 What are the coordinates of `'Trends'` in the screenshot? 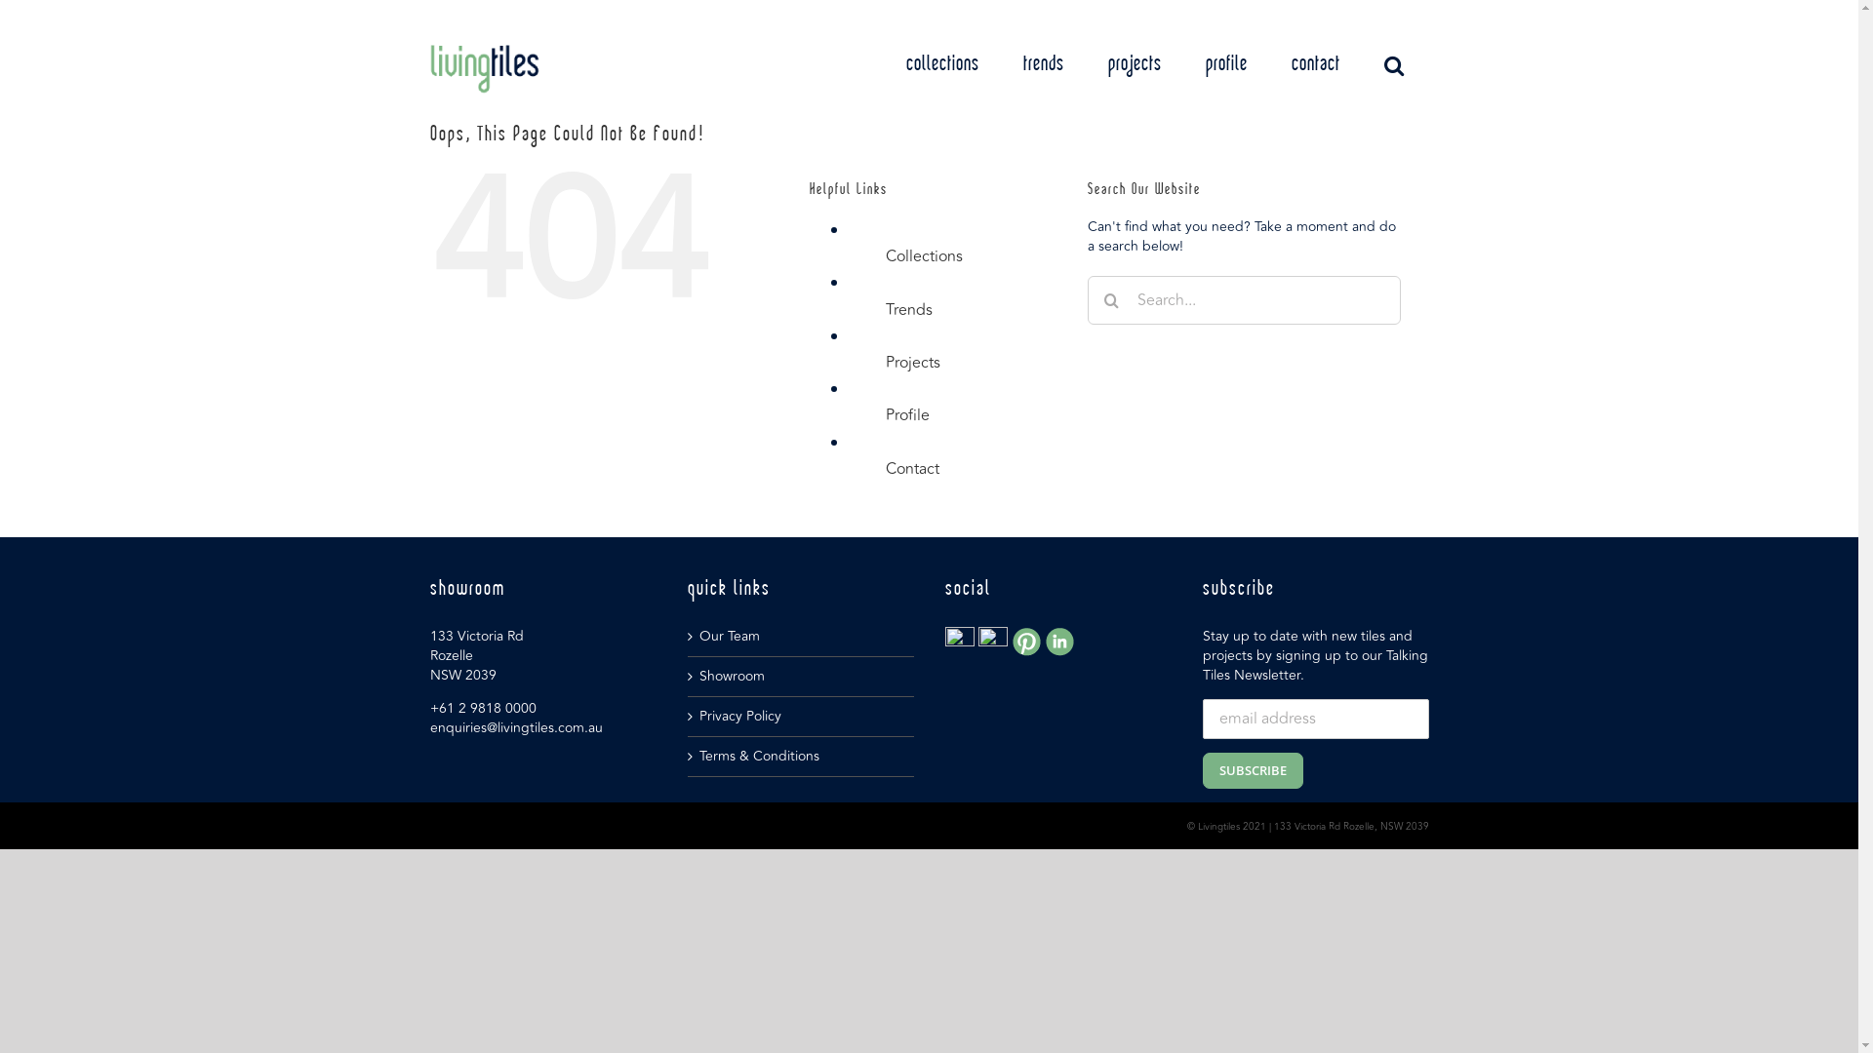 It's located at (907, 308).